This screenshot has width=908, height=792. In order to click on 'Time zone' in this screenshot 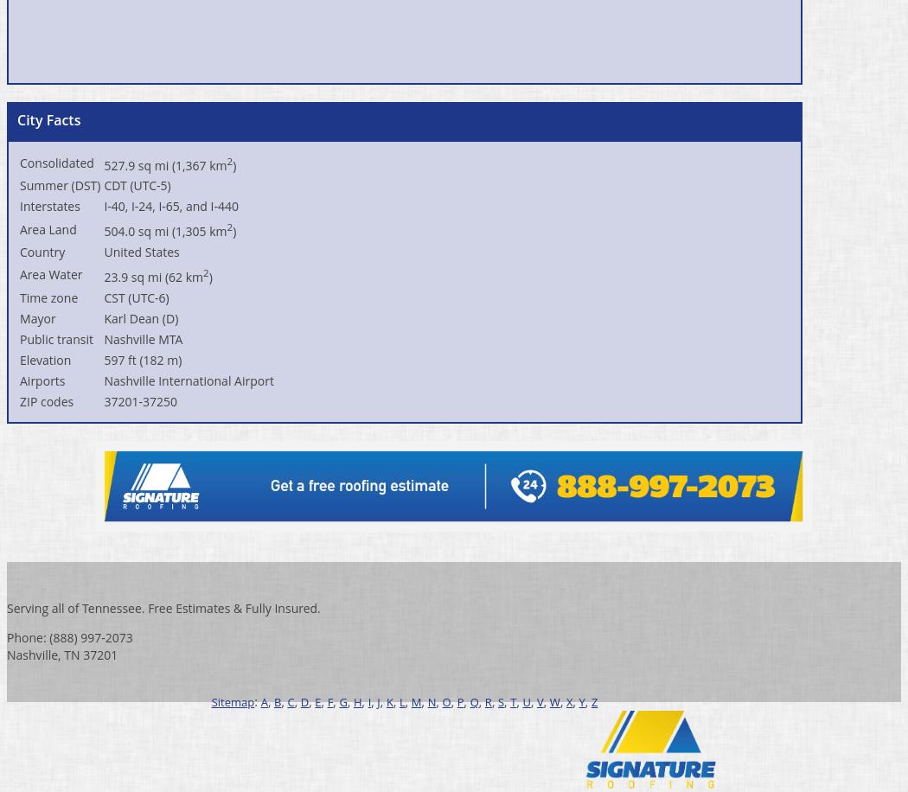, I will do `click(48, 296)`.